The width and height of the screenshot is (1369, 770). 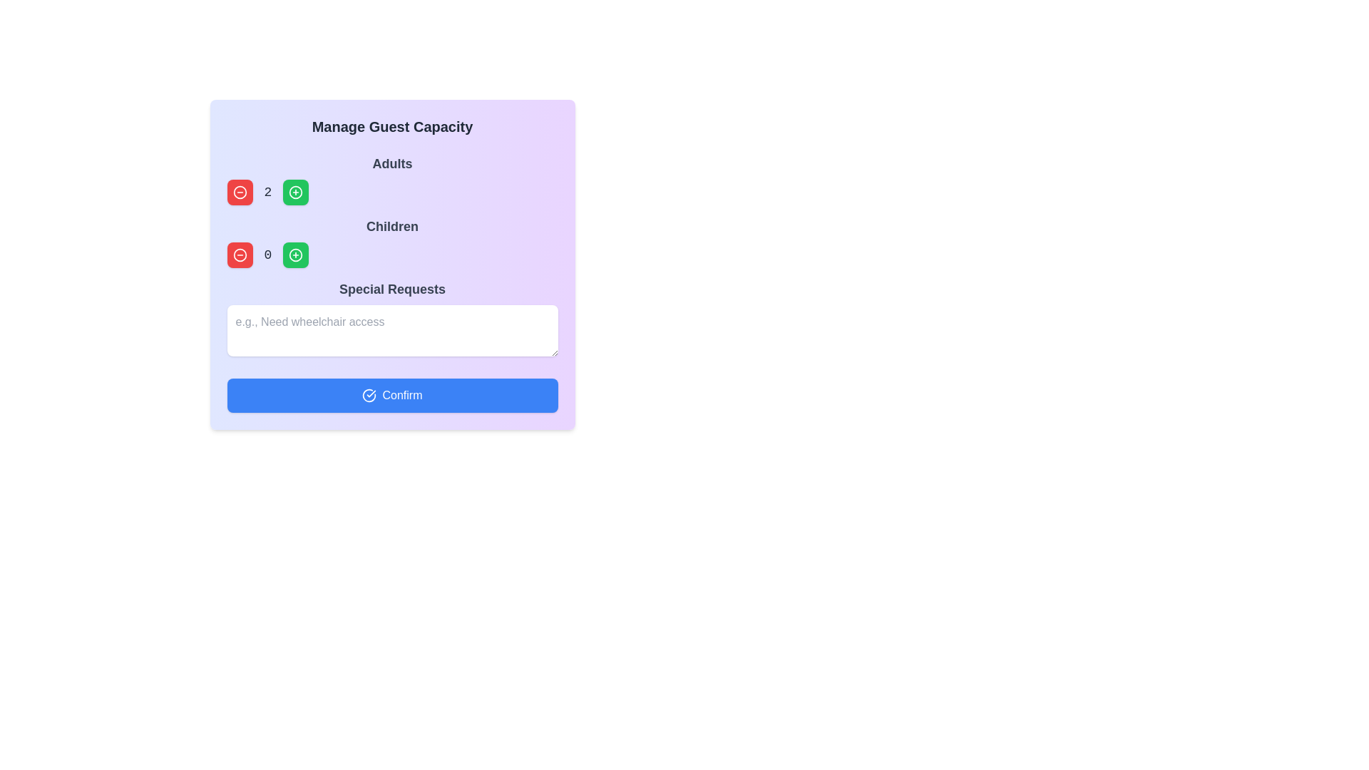 What do you see at coordinates (240, 255) in the screenshot?
I see `the decrement button for adults` at bounding box center [240, 255].